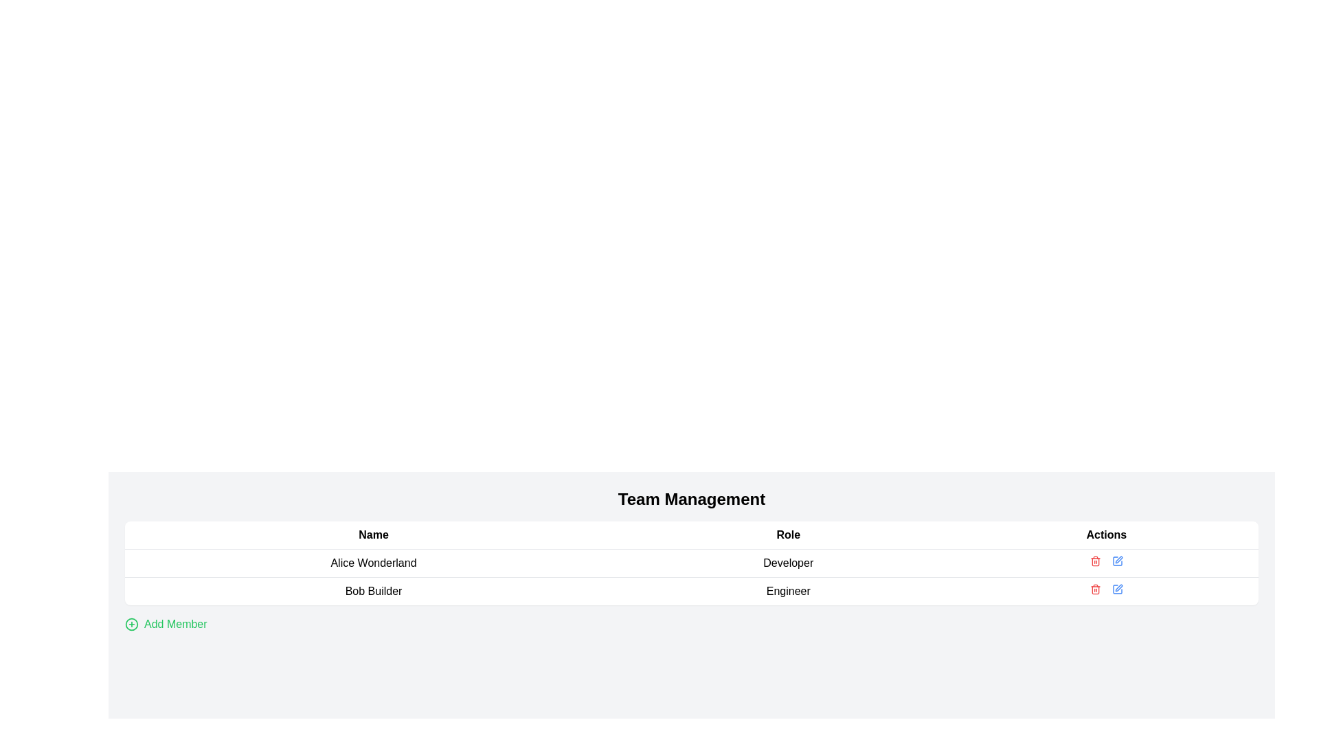  What do you see at coordinates (165, 625) in the screenshot?
I see `the 'Add Member' button located below the 'Team Management' table` at bounding box center [165, 625].